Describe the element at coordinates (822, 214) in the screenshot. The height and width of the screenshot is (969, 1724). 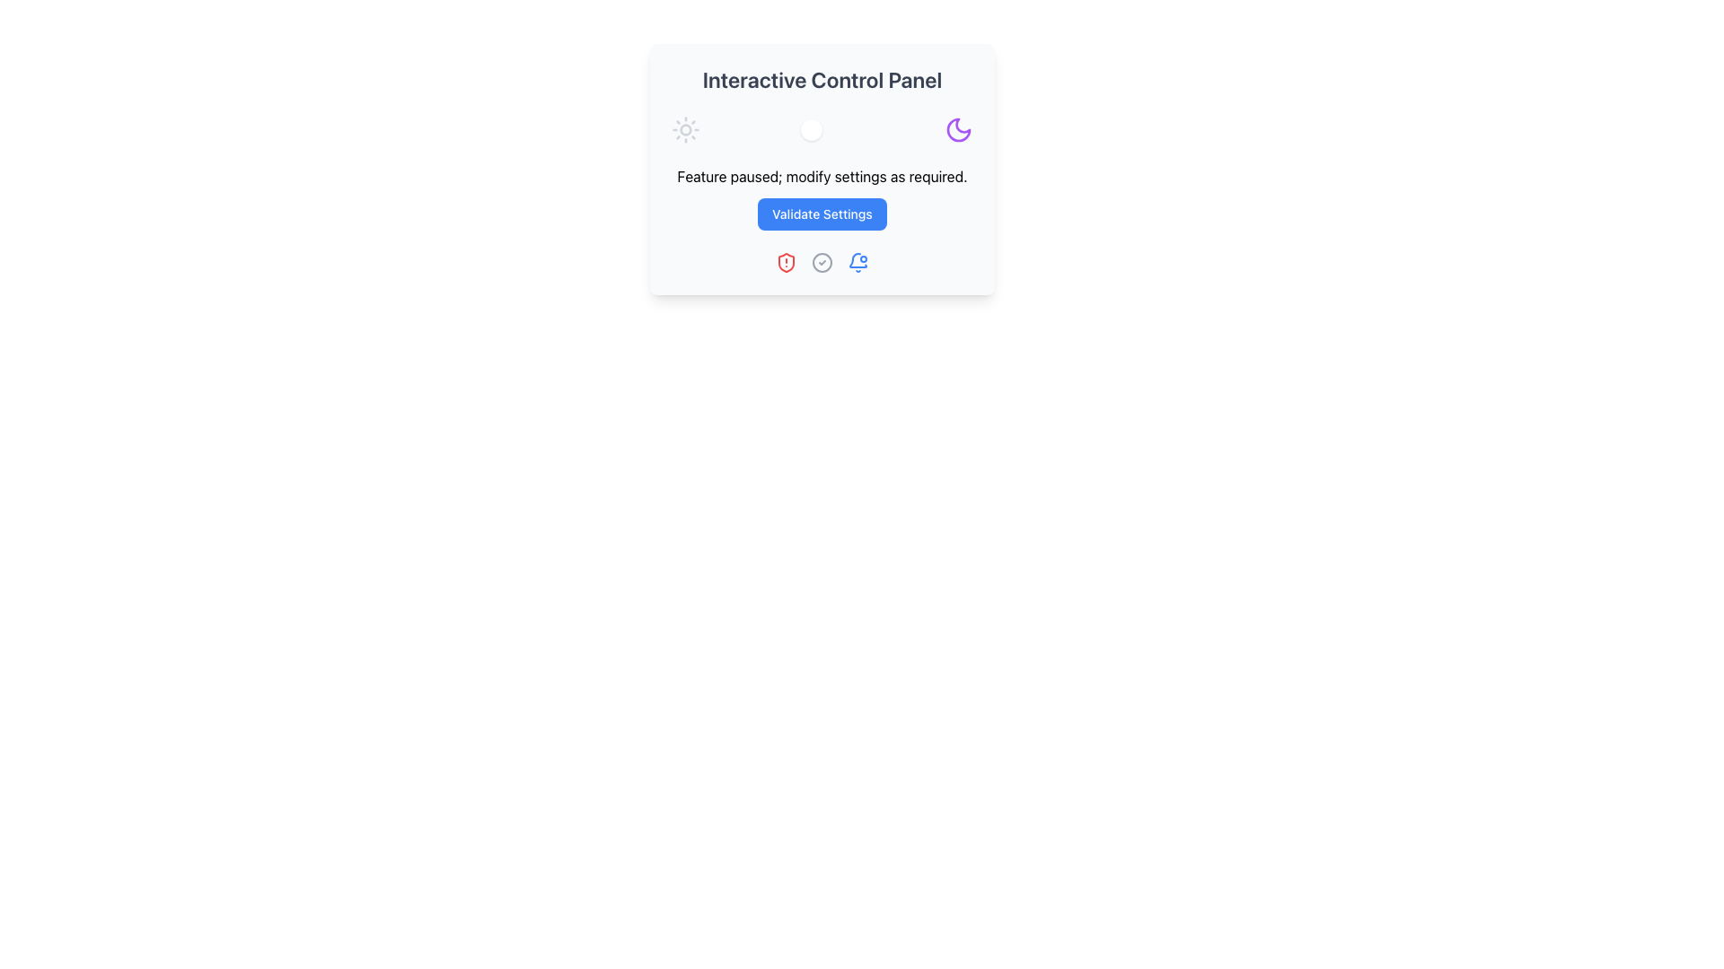
I see `the validation button located directly below the text 'Feature paused; modify settings as required' to confirm the current user settings` at that location.